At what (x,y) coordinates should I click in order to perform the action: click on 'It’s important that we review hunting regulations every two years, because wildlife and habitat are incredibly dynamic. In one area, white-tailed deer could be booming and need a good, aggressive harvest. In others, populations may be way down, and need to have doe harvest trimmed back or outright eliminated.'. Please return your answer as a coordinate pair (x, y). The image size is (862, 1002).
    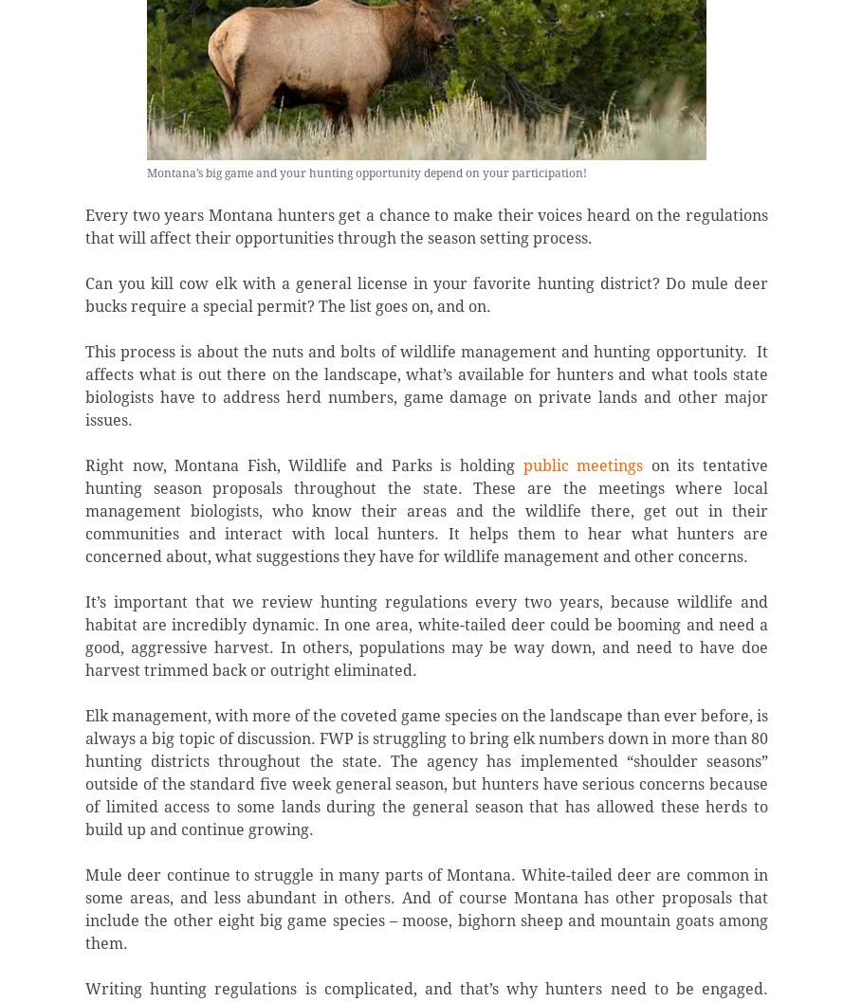
    Looking at the image, I should click on (425, 636).